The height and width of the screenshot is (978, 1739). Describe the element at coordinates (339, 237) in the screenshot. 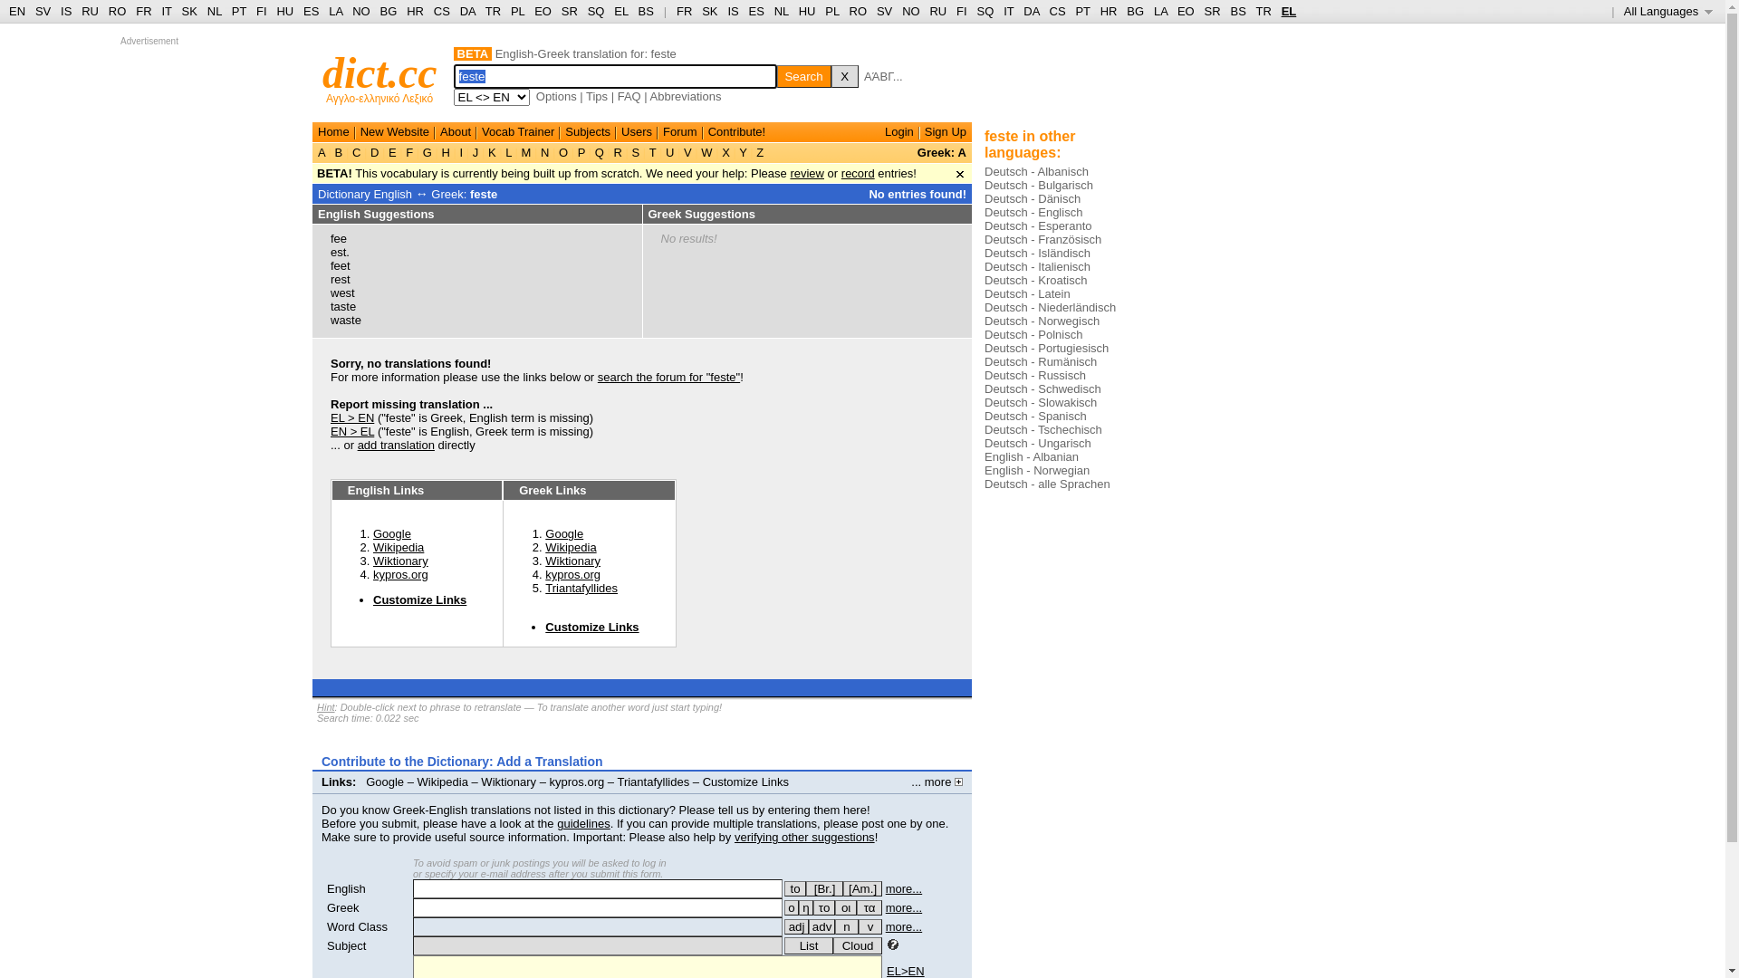

I see `'fee'` at that location.